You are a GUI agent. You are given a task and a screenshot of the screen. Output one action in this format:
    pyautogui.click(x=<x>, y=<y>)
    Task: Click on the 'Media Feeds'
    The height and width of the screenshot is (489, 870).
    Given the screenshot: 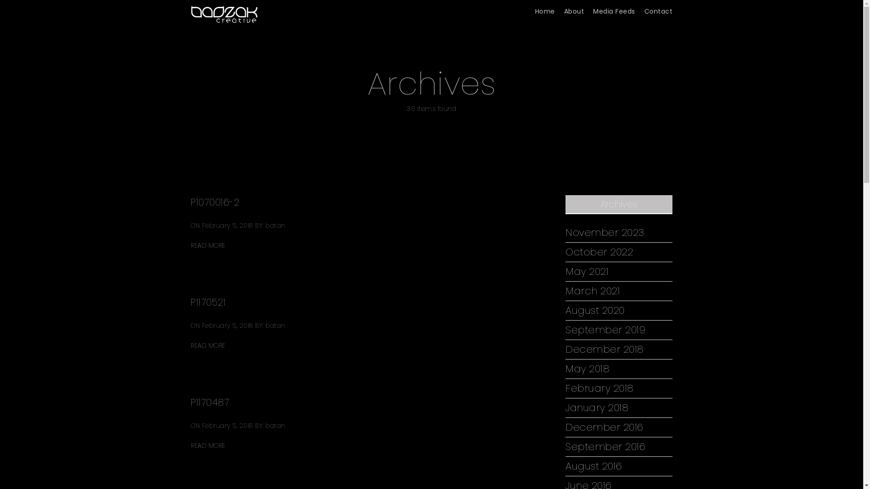 What is the action you would take?
    pyautogui.click(x=593, y=12)
    